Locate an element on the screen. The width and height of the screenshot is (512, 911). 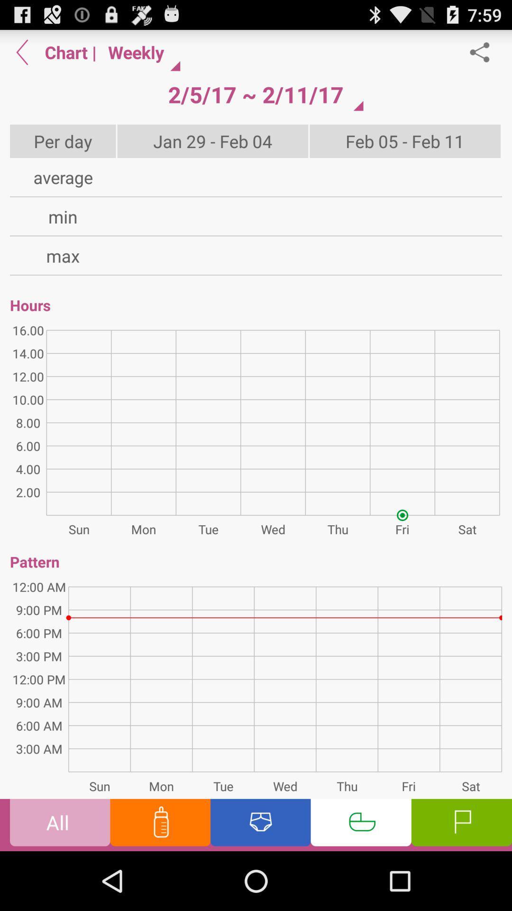
the app to the right of  | is located at coordinates (140, 52).